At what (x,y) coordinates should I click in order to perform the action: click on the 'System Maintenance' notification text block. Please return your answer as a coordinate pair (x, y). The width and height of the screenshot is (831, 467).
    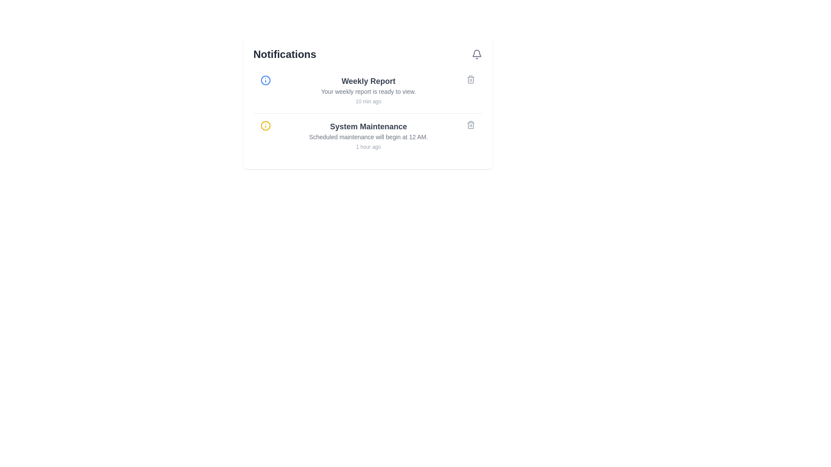
    Looking at the image, I should click on (368, 136).